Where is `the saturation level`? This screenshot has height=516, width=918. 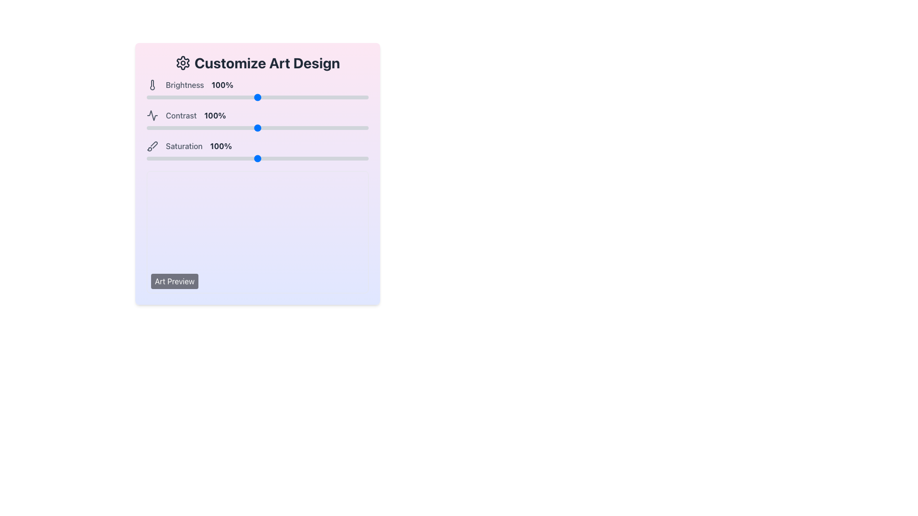 the saturation level is located at coordinates (267, 158).